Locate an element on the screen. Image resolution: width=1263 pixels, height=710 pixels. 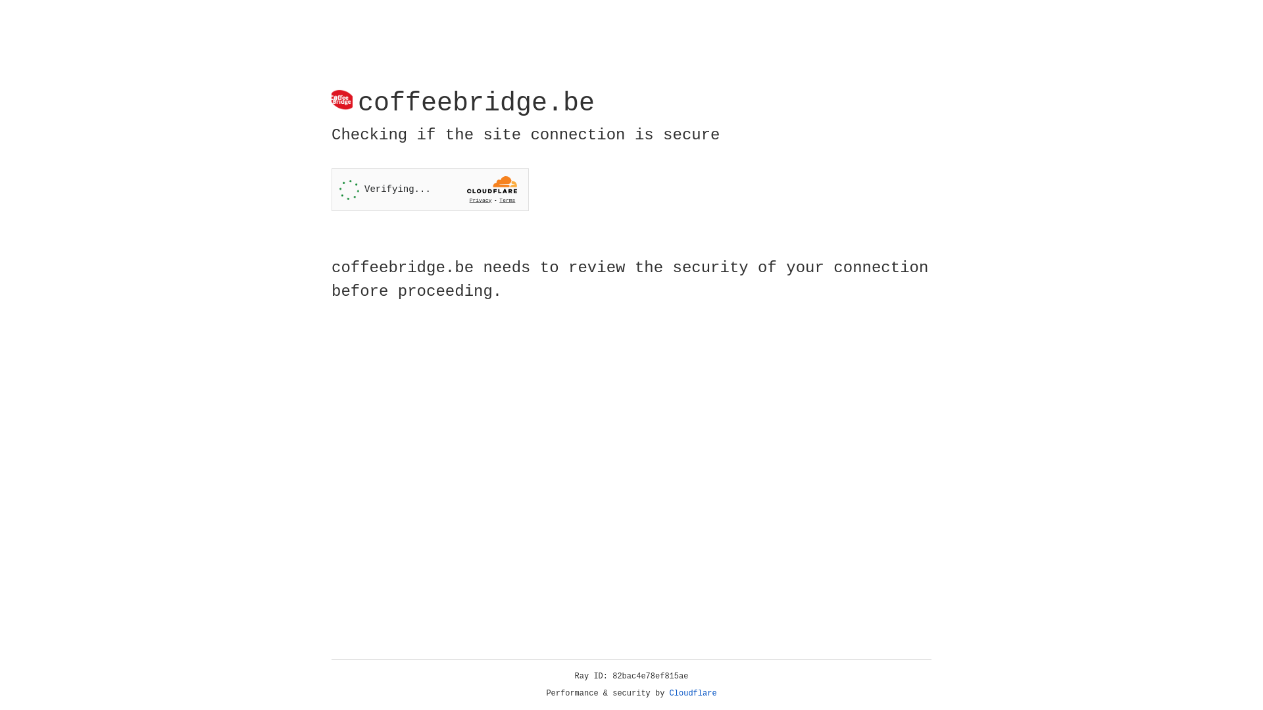
'Cloudflare' is located at coordinates (693, 693).